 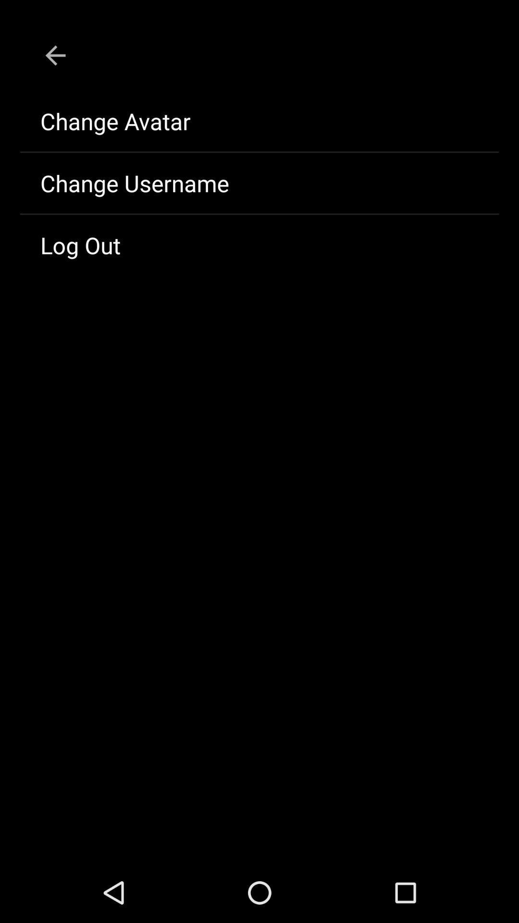 I want to click on the icon below change avatar, so click(x=259, y=183).